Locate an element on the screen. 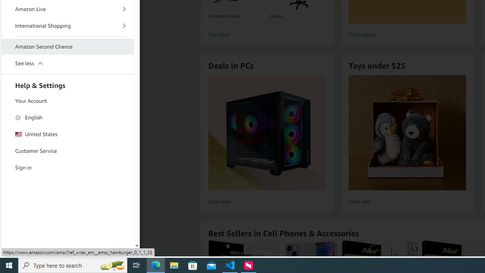 This screenshot has height=273, width=485. 'Customer Service' is located at coordinates (68, 151).